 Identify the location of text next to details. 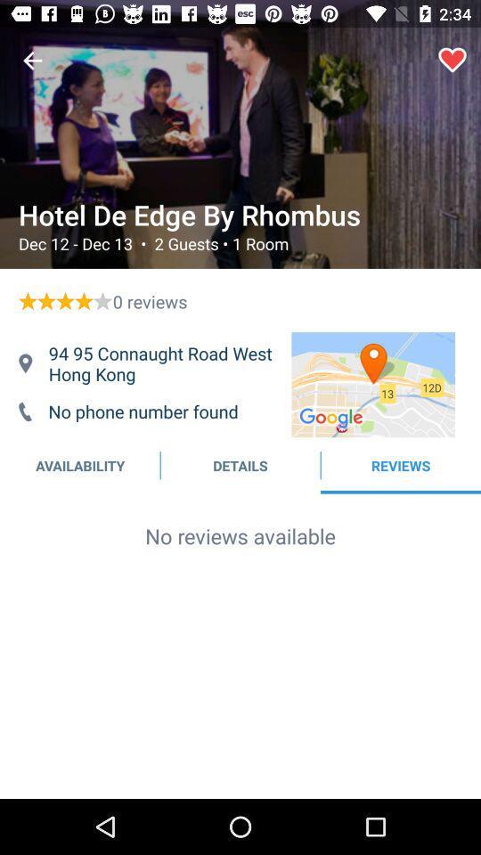
(400, 465).